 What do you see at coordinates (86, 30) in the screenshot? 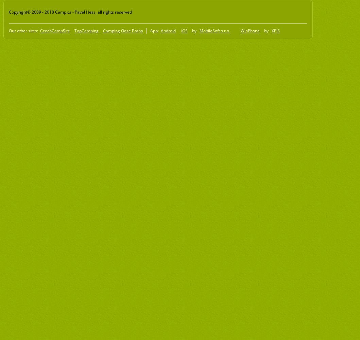
I see `'TopCamping'` at bounding box center [86, 30].